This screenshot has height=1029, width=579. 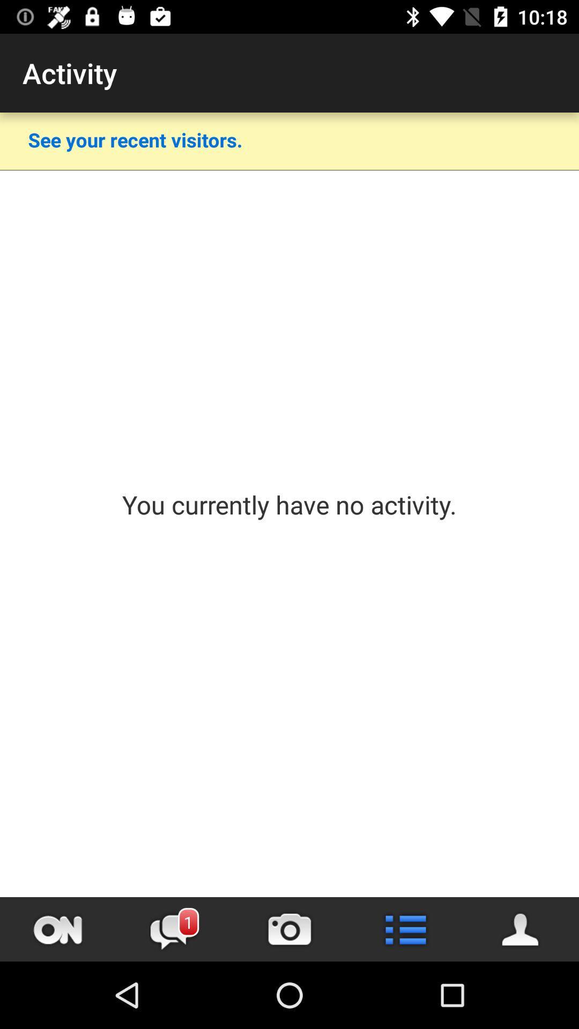 What do you see at coordinates (289, 929) in the screenshot?
I see `open camera` at bounding box center [289, 929].